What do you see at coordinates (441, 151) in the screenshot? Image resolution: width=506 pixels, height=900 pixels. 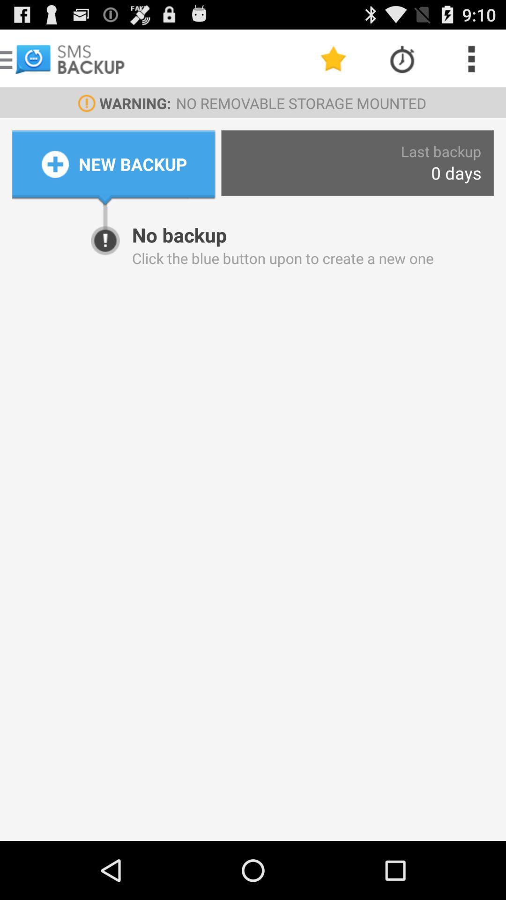 I see `the last backup app` at bounding box center [441, 151].